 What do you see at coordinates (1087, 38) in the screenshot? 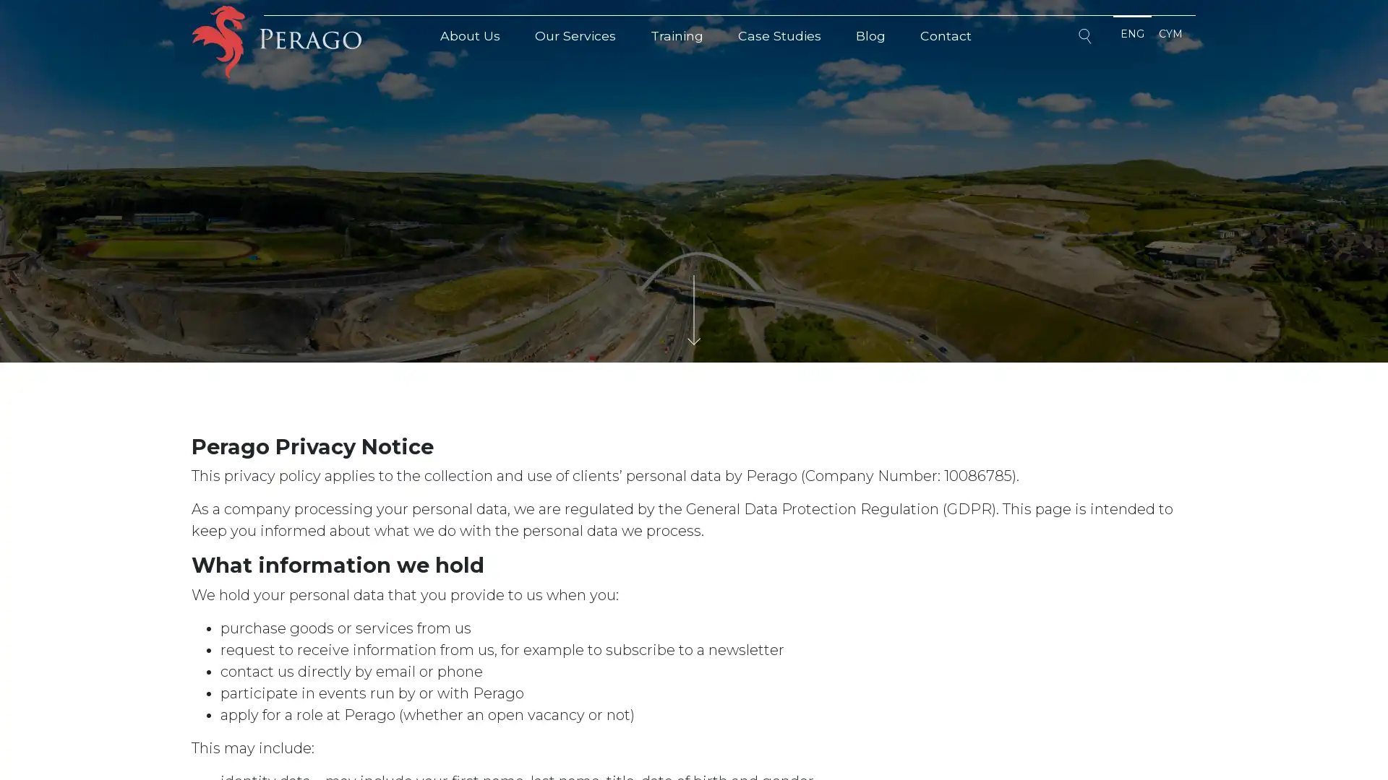
I see `Search button` at bounding box center [1087, 38].